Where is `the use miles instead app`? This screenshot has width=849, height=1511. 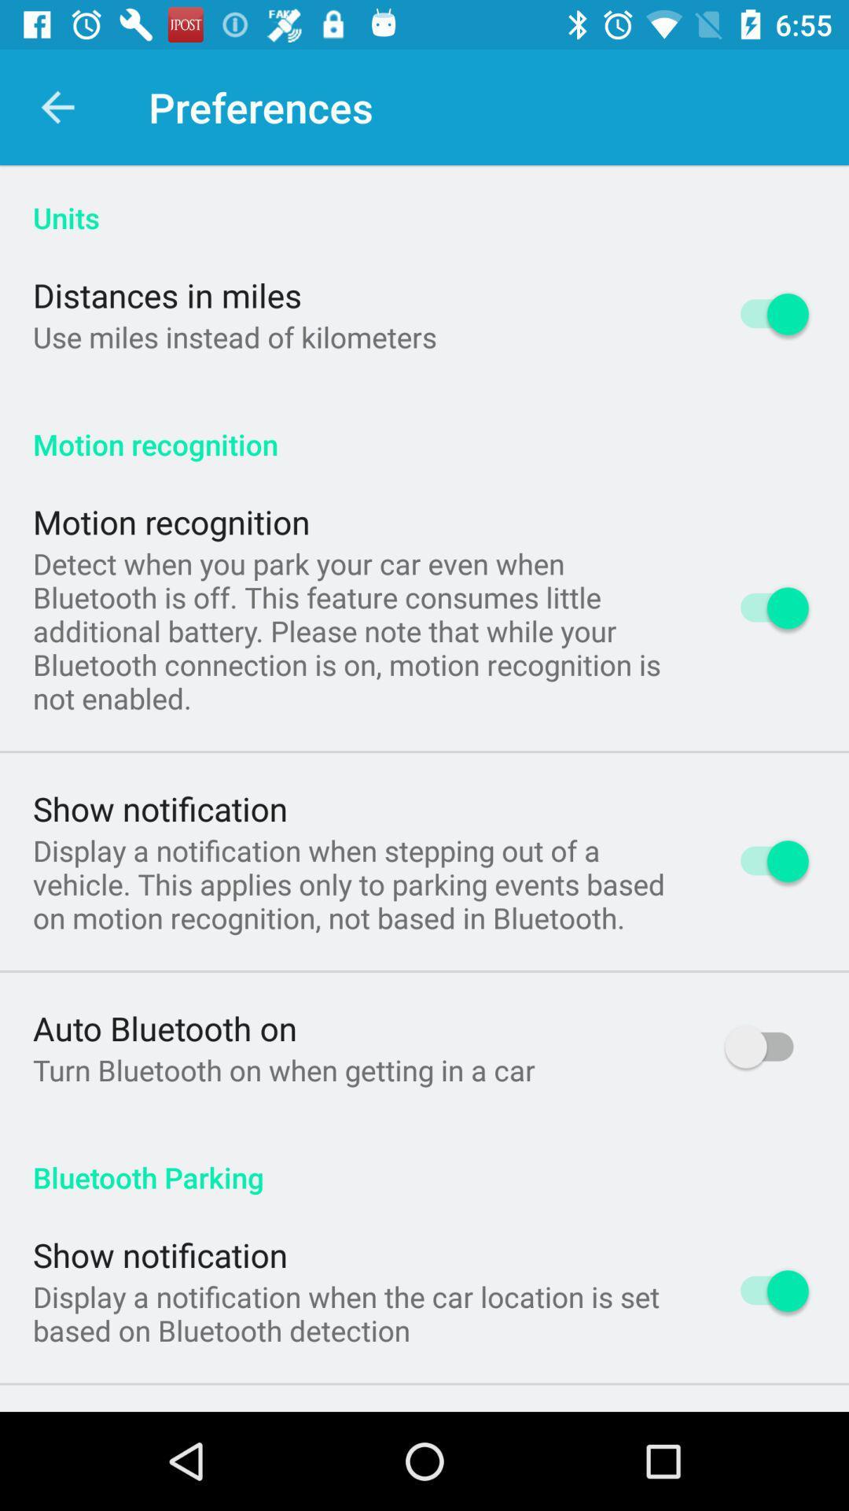 the use miles instead app is located at coordinates (234, 336).